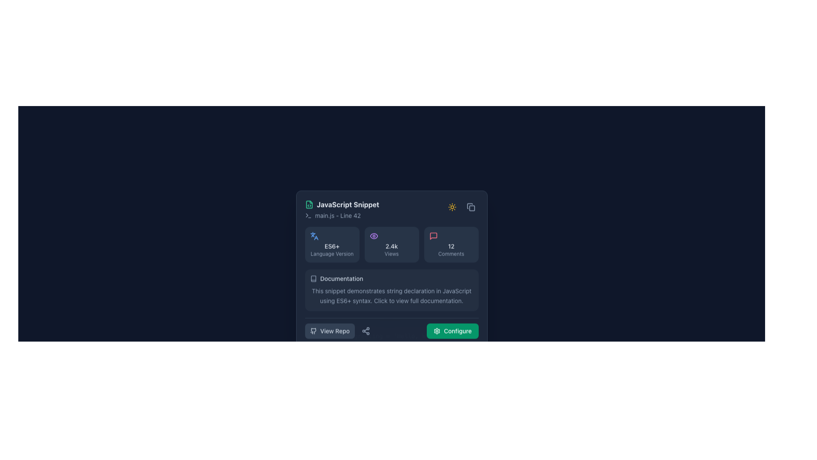 This screenshot has height=460, width=817. Describe the element at coordinates (331, 244) in the screenshot. I see `displayed version information from the Label with icon that indicates the programming language version, specifically ES6+, located at the first position among three blocks in a card structure` at that location.